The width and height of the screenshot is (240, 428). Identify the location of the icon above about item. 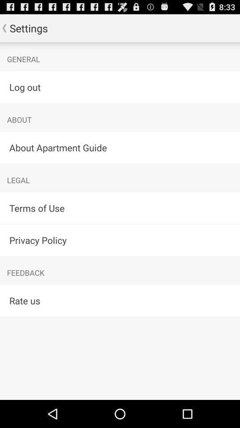
(120, 86).